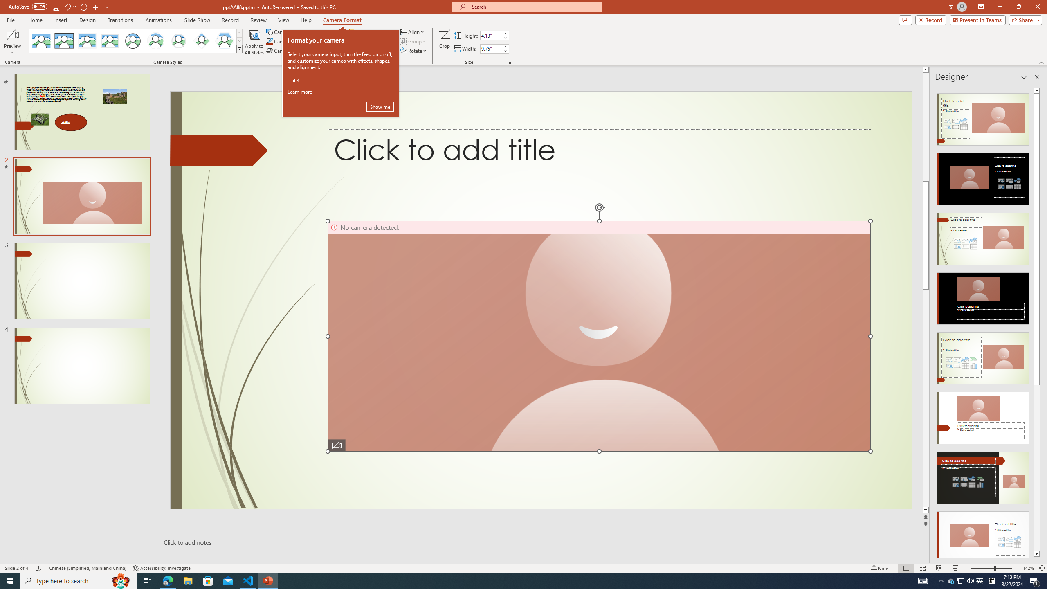 This screenshot has height=589, width=1047. I want to click on 'Camera 7, No camera detected.', so click(598, 336).